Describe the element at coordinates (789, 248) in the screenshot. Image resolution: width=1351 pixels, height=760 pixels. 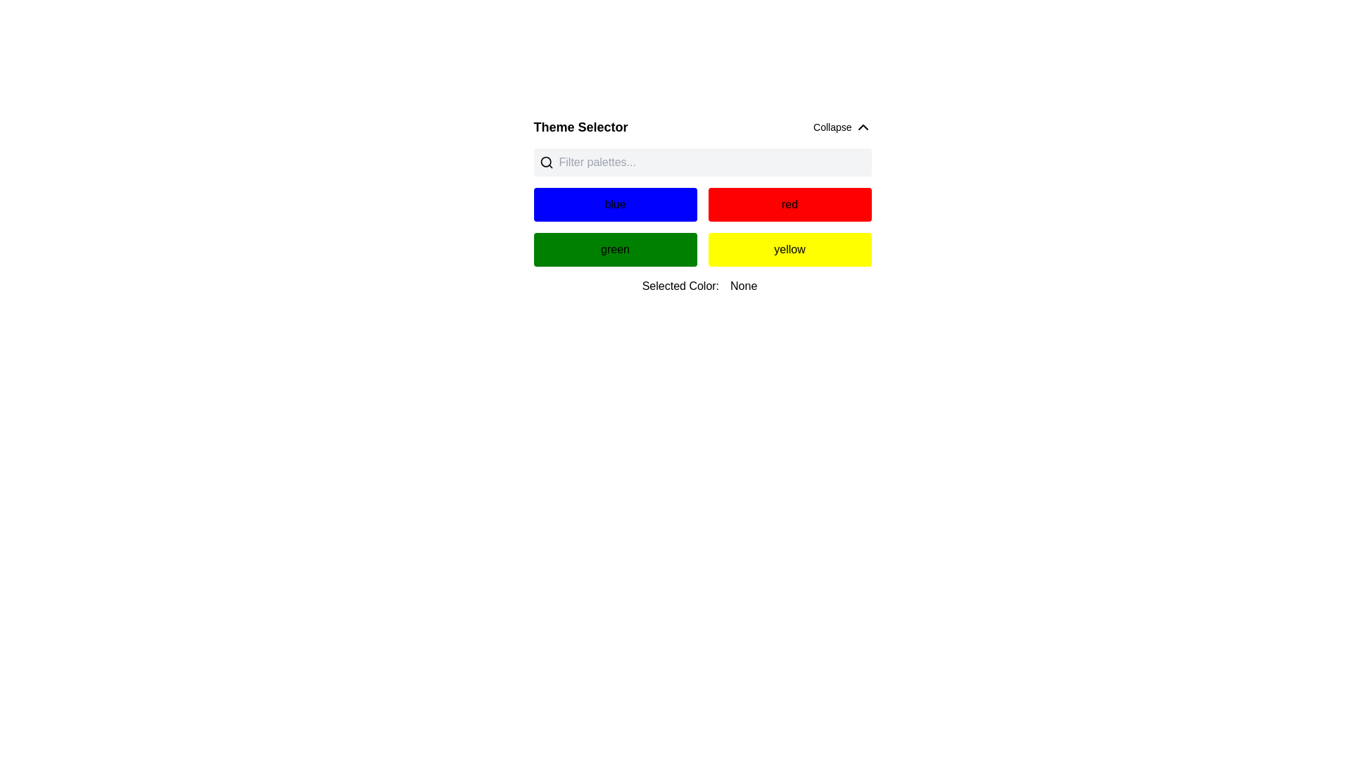
I see `the fourth button in the grid layout, located in the second row and second column` at that location.